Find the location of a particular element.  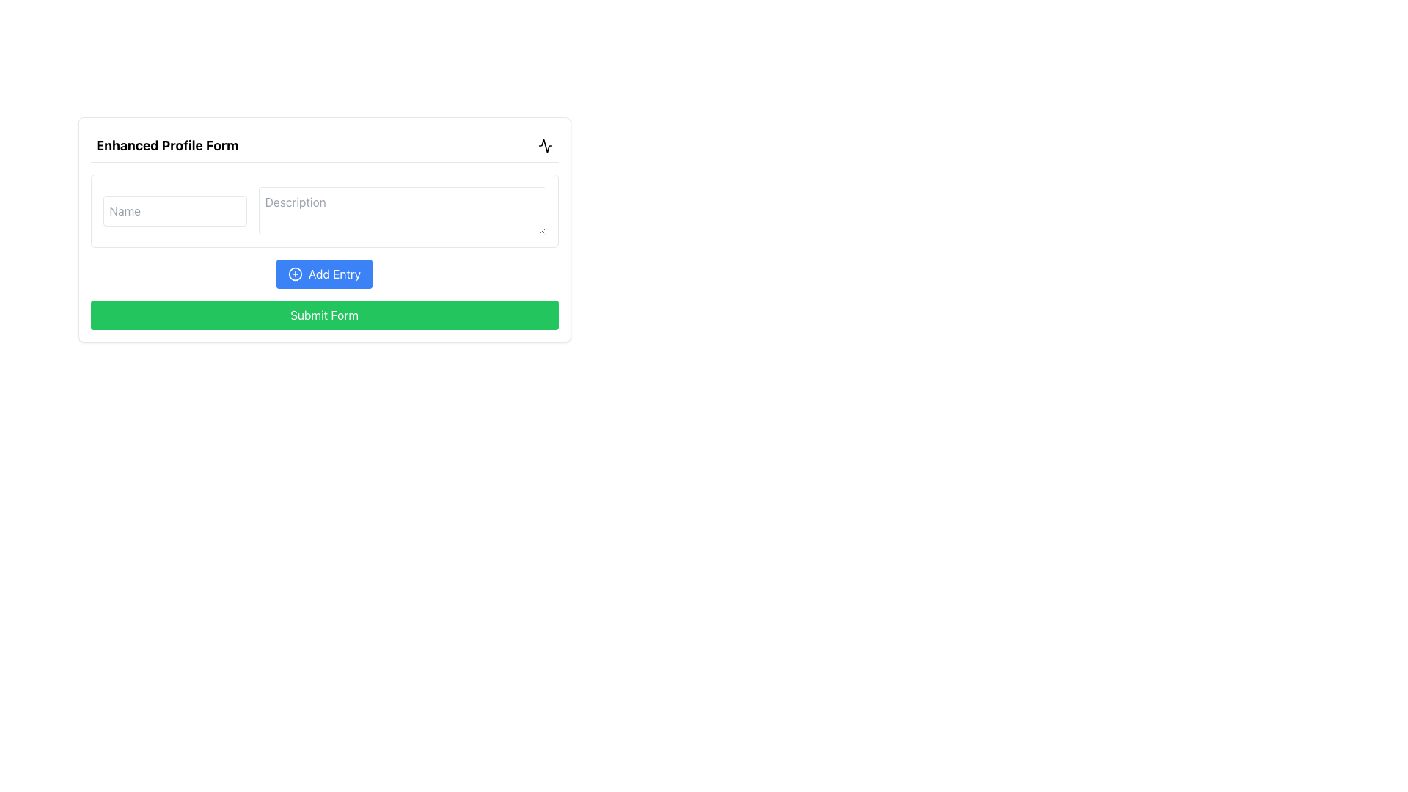

the waveform-like SVG graphic icon located near the top-right corner of the Enhanced Profile Form section is located at coordinates (544, 146).